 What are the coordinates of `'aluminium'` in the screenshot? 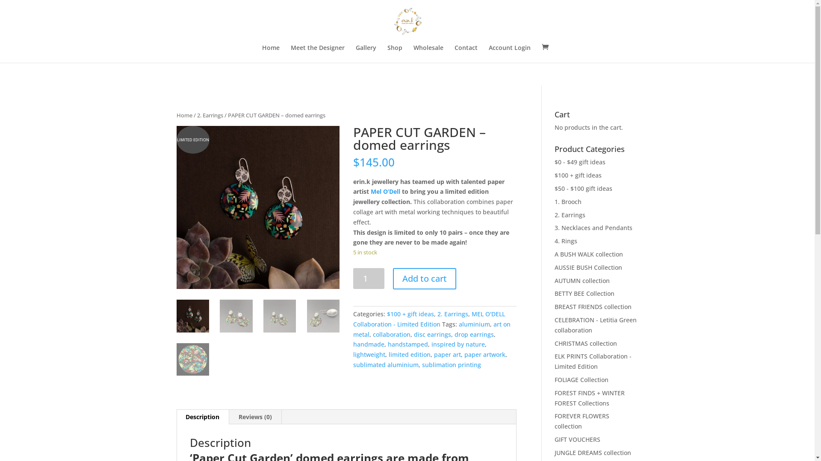 It's located at (458, 324).